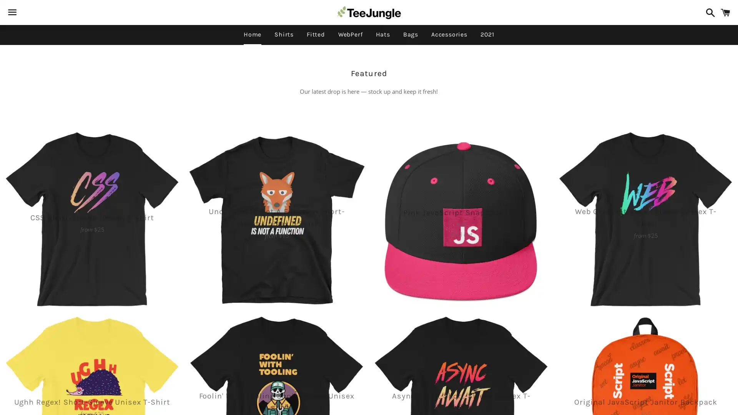 The height and width of the screenshot is (415, 738). What do you see at coordinates (12, 12) in the screenshot?
I see `Menu` at bounding box center [12, 12].